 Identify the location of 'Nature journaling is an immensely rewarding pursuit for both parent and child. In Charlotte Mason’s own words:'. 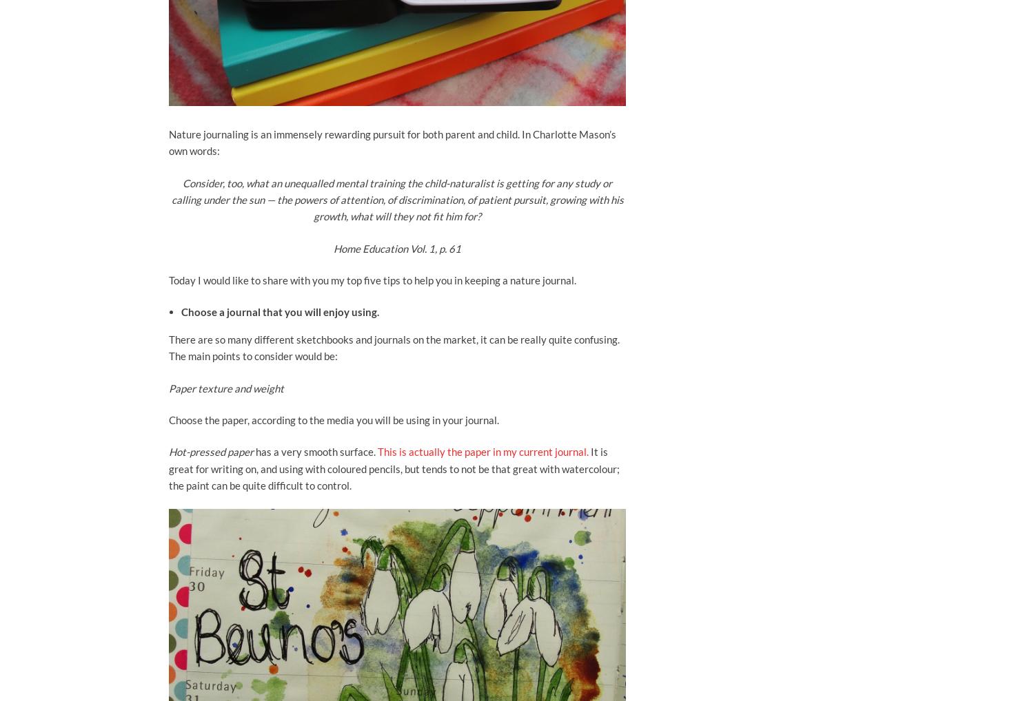
(392, 141).